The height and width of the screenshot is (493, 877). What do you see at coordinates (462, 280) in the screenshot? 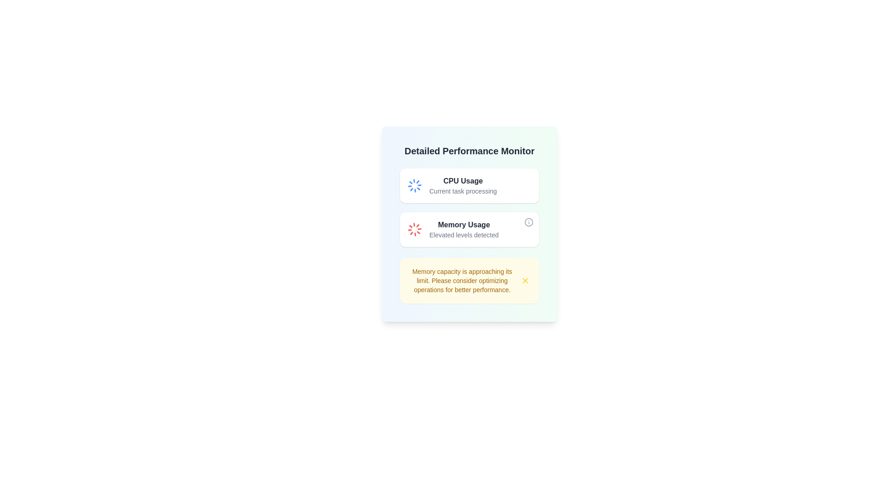
I see `cautionary message displayed in the yellow, rounded rectangle text block indicating that memory capacity is nearing its limit` at bounding box center [462, 280].